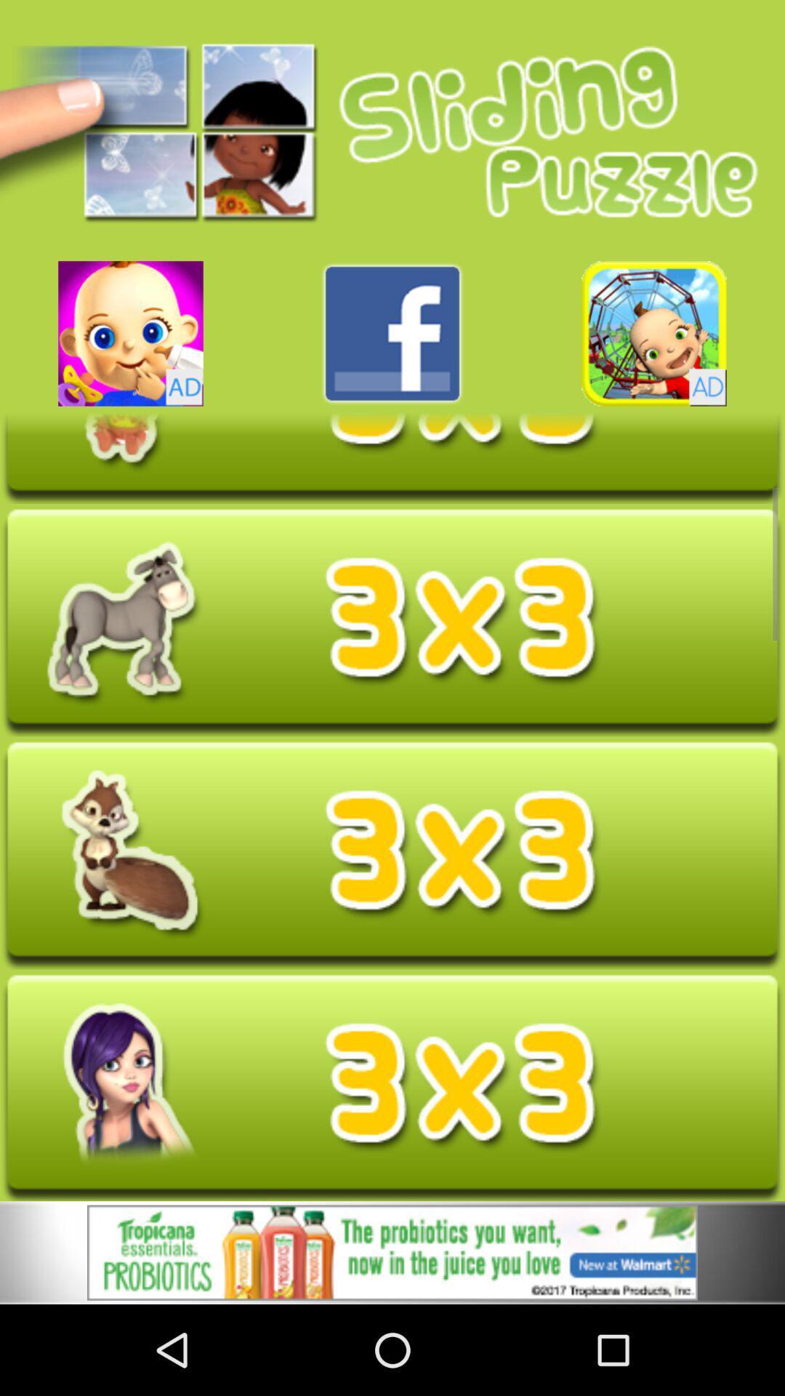  What do you see at coordinates (392, 1254) in the screenshot?
I see `advertisement website` at bounding box center [392, 1254].